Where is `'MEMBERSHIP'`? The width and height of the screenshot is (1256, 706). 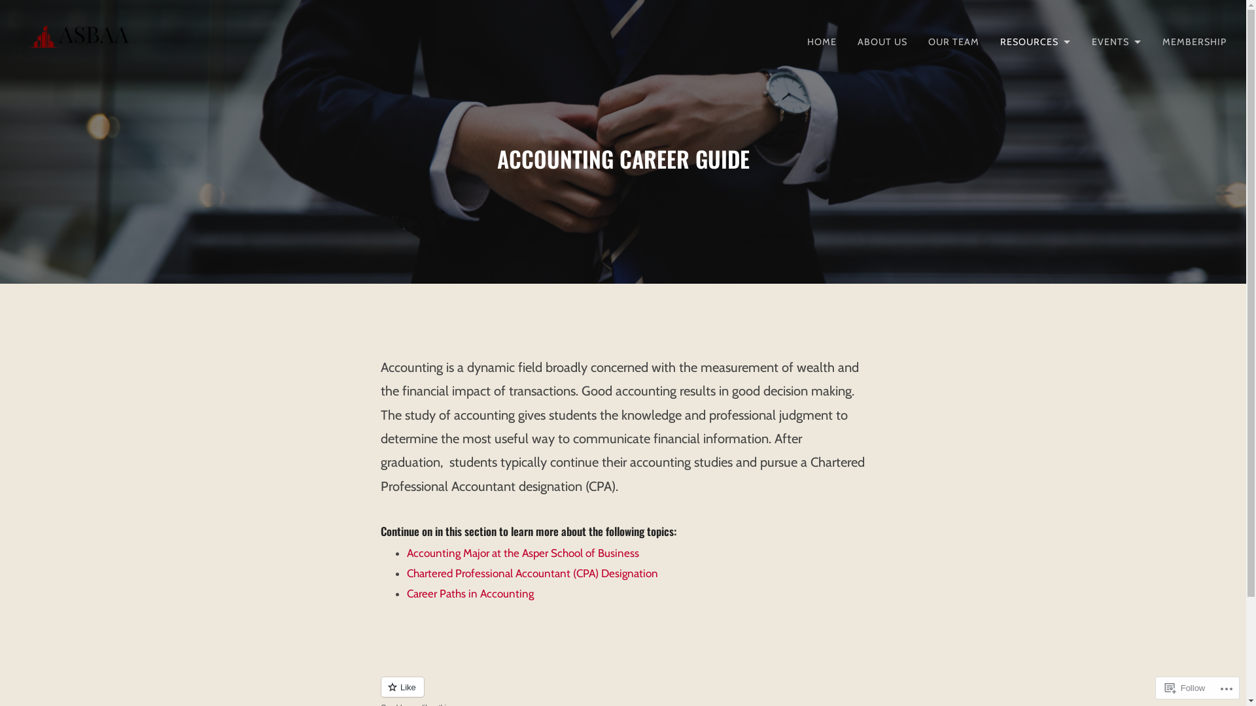 'MEMBERSHIP' is located at coordinates (1194, 41).